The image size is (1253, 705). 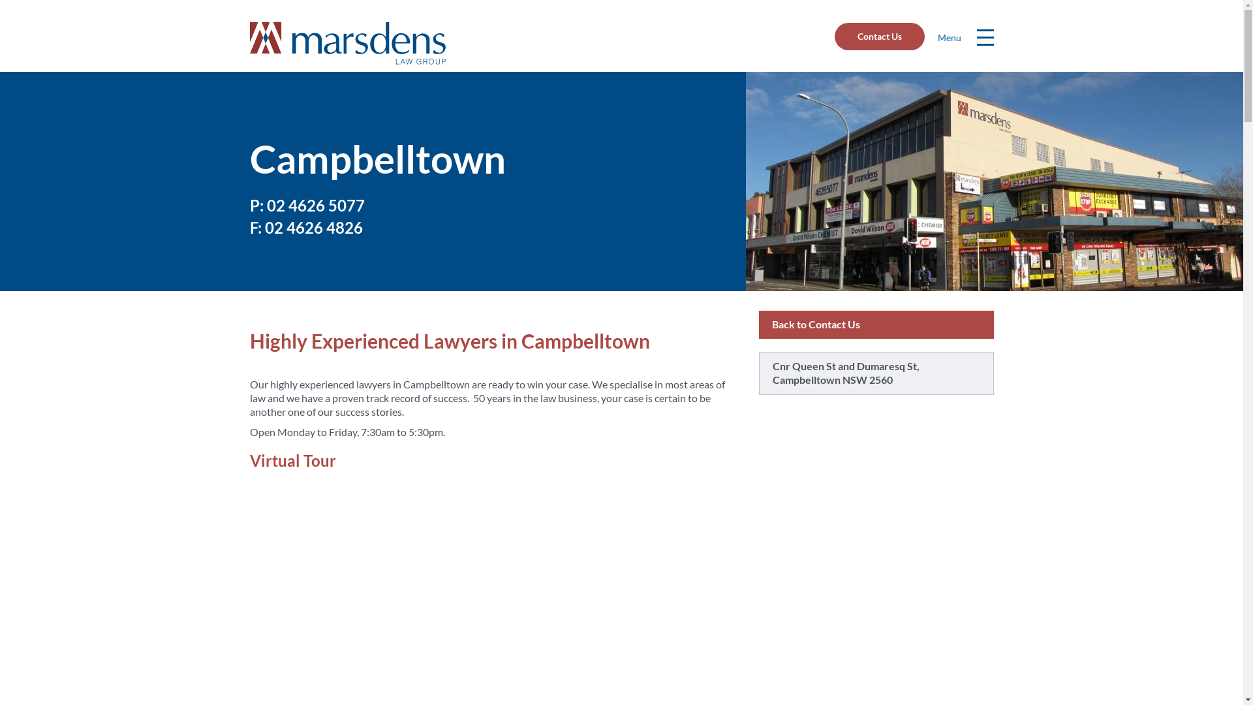 What do you see at coordinates (984, 35) in the screenshot?
I see `'Menu'` at bounding box center [984, 35].